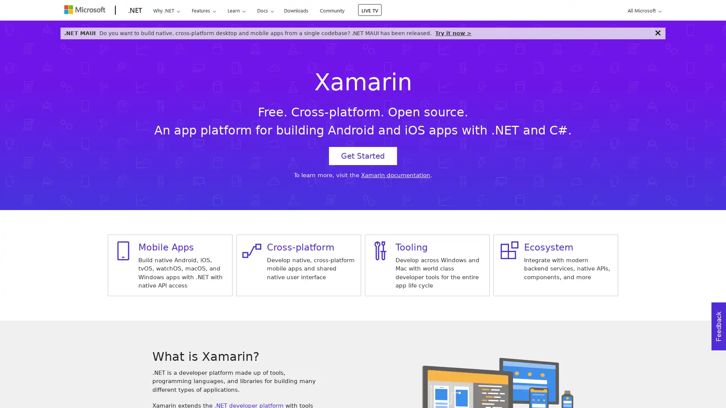  What do you see at coordinates (203, 10) in the screenshot?
I see `Features` at bounding box center [203, 10].